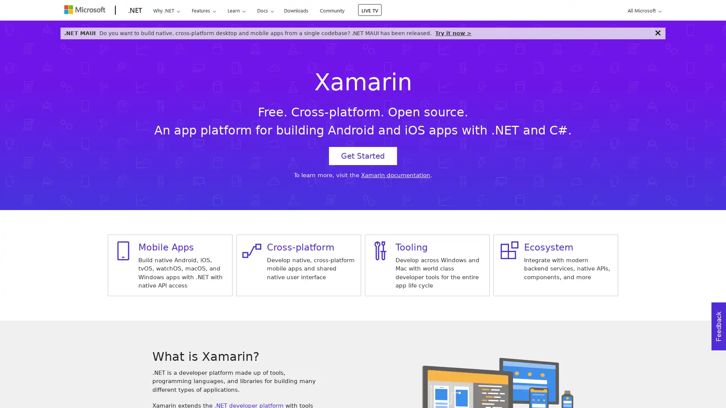  What do you see at coordinates (203, 10) in the screenshot?
I see `Features` at bounding box center [203, 10].